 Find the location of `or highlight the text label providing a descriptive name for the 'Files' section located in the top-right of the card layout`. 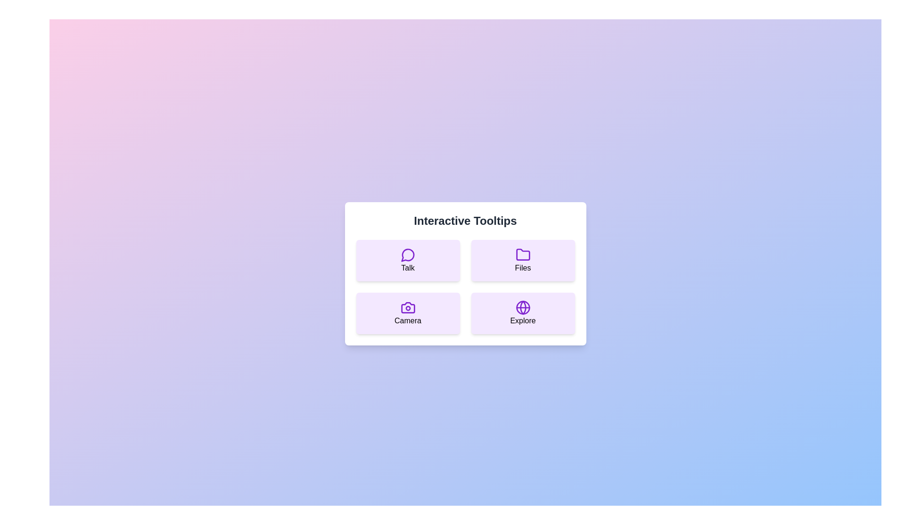

or highlight the text label providing a descriptive name for the 'Files' section located in the top-right of the card layout is located at coordinates (522, 268).